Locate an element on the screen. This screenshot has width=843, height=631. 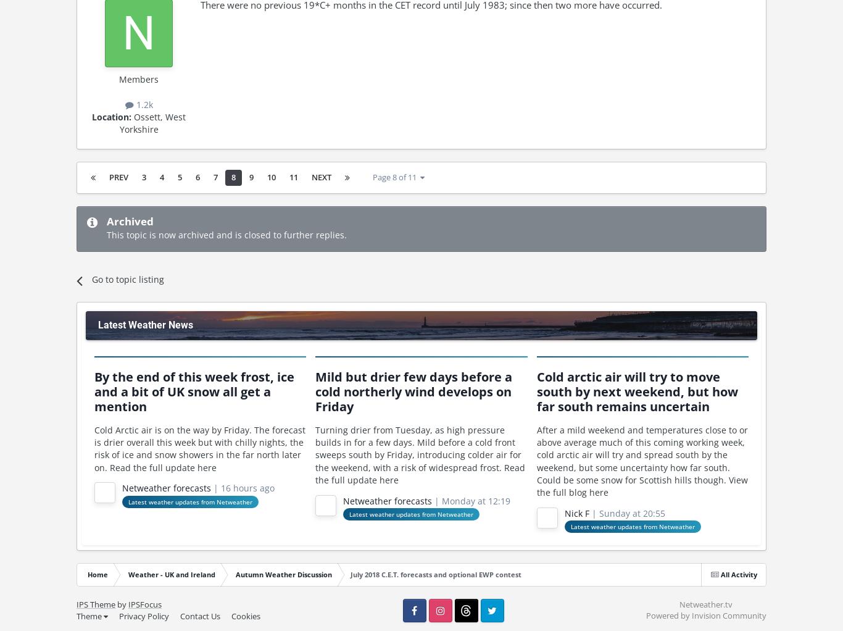
'Home' is located at coordinates (87, 574).